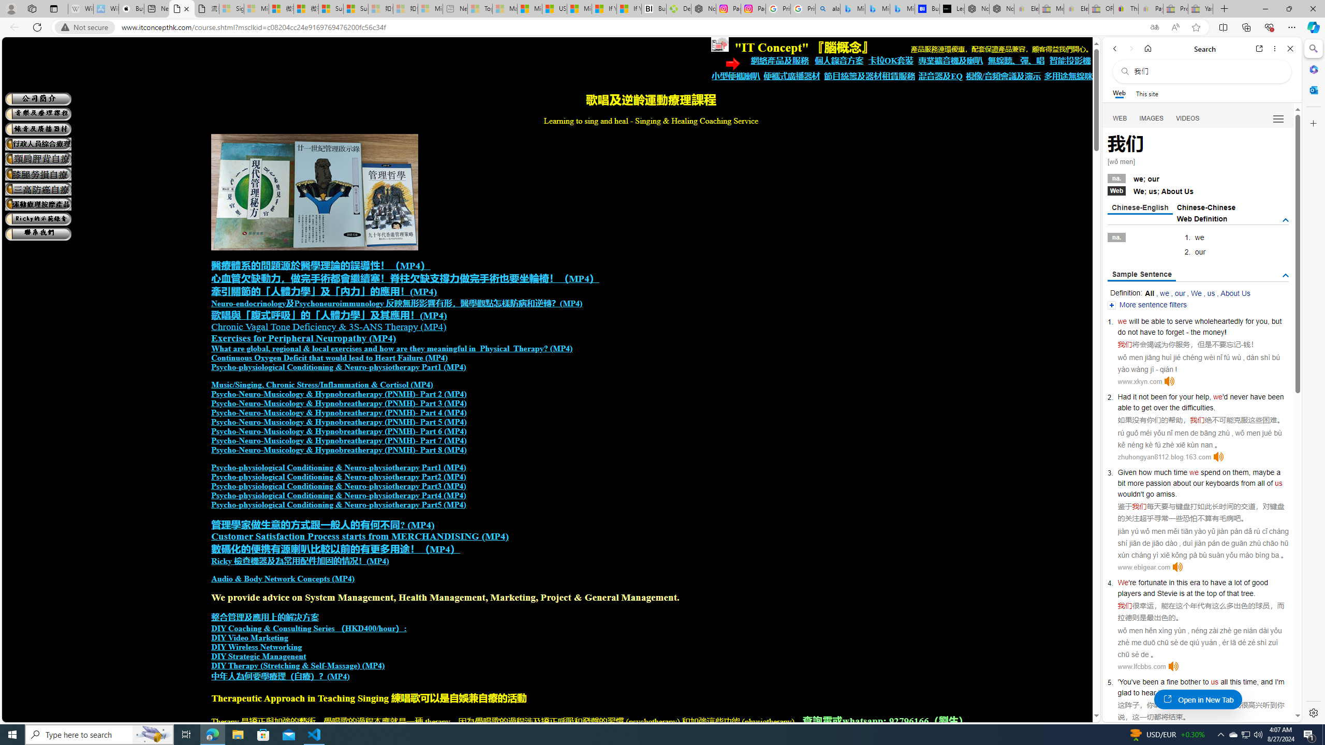 This screenshot has height=745, width=1325. What do you see at coordinates (1162, 681) in the screenshot?
I see `'a'` at bounding box center [1162, 681].